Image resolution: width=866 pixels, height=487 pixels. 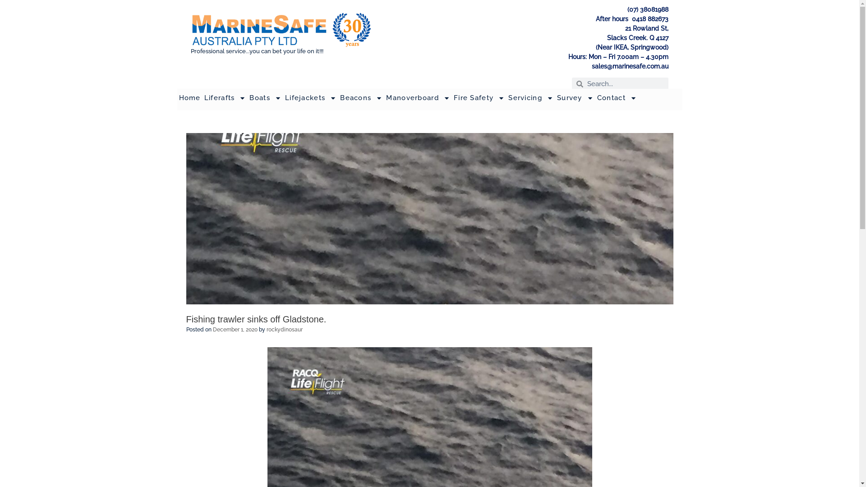 I want to click on 'rockydinosaur', so click(x=283, y=330).